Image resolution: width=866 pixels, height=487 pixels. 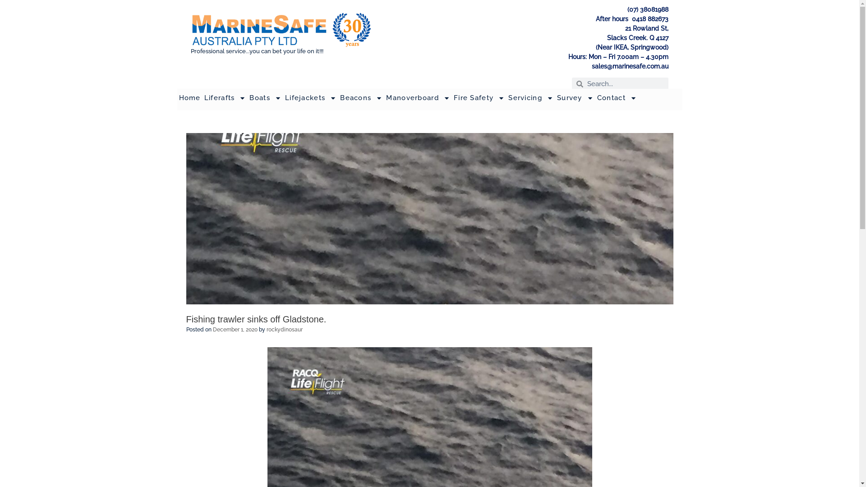 I want to click on 'rockydinosaur', so click(x=283, y=330).